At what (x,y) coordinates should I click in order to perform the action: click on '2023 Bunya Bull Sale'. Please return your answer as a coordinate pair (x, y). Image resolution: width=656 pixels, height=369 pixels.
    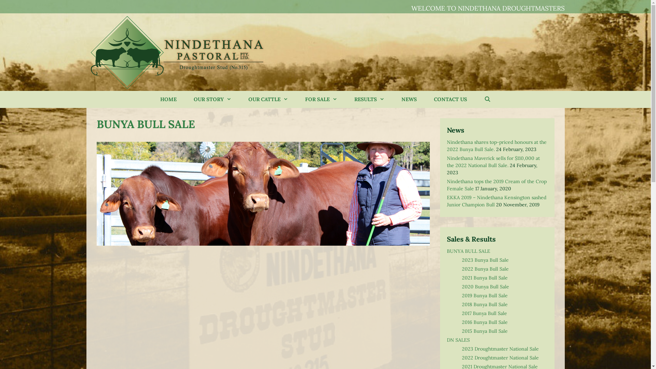
    Looking at the image, I should click on (462, 260).